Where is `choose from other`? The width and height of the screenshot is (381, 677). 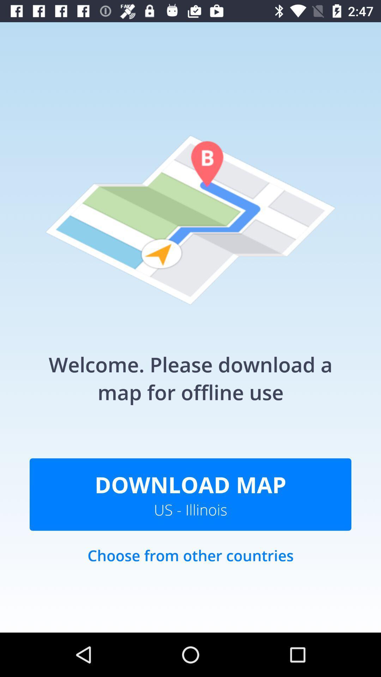
choose from other is located at coordinates (190, 562).